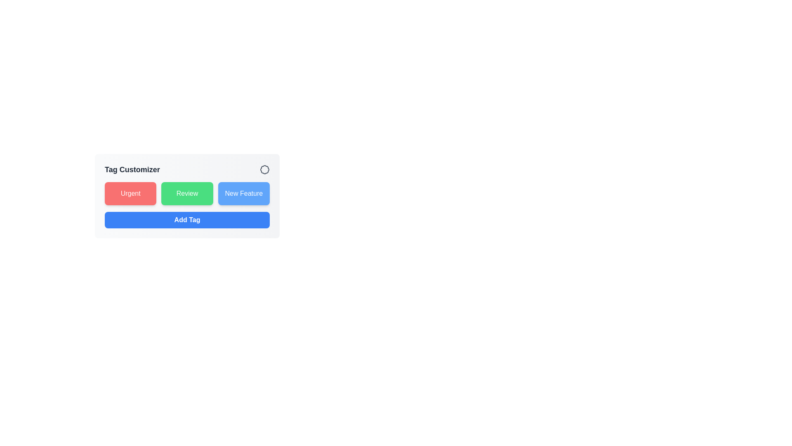 The image size is (792, 446). Describe the element at coordinates (187, 219) in the screenshot. I see `the 'Add Tag' button to add a new tag` at that location.